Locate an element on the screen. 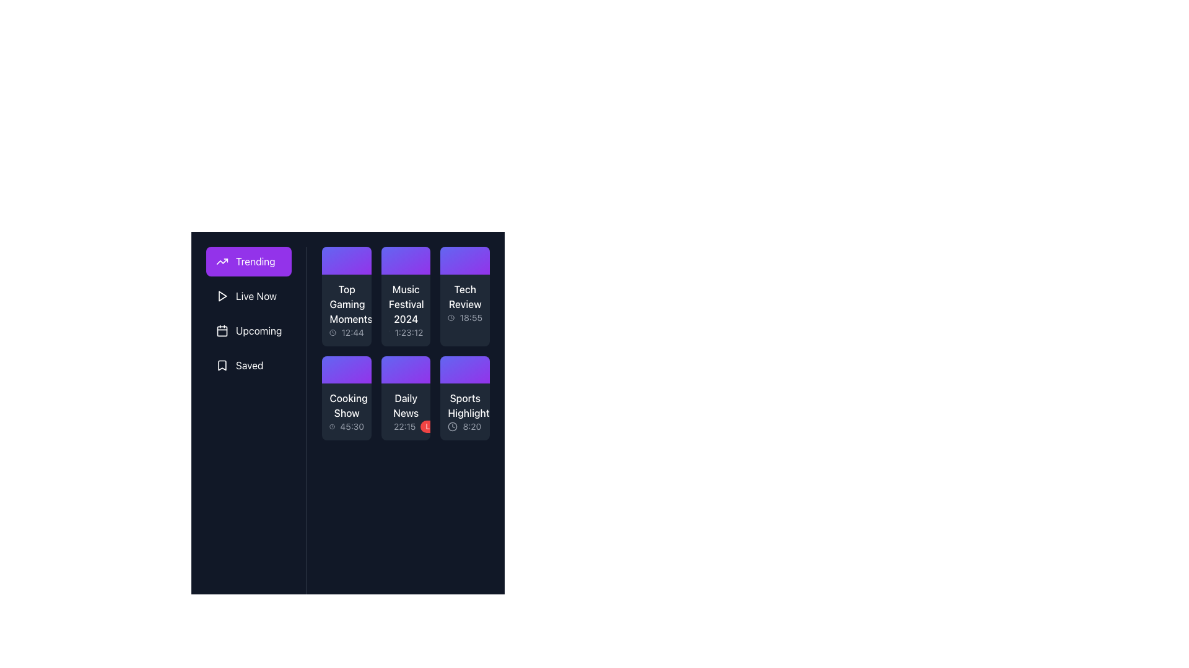  the calendar icon located on the left-hand menu, which represents the 'Upcoming' section is located at coordinates (222, 330).